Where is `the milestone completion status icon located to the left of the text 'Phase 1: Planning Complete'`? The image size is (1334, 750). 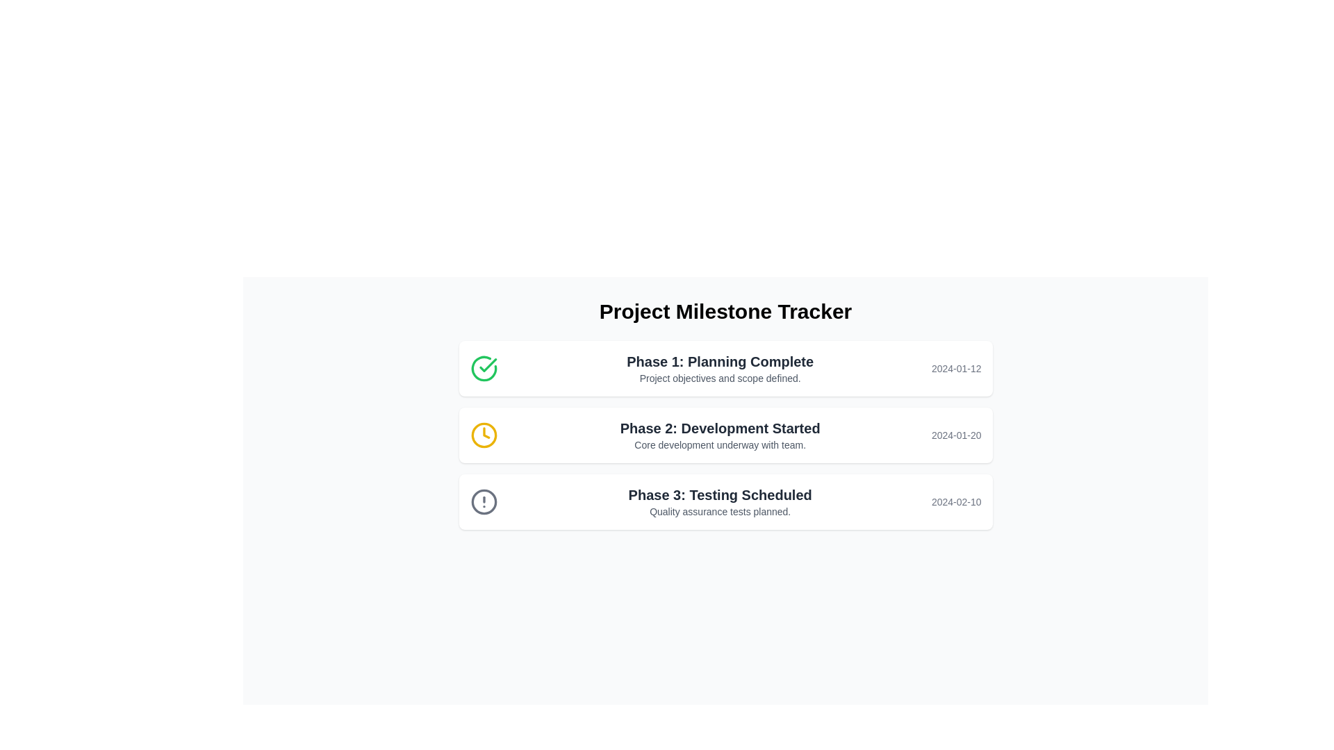 the milestone completion status icon located to the left of the text 'Phase 1: Planning Complete' is located at coordinates (484, 368).